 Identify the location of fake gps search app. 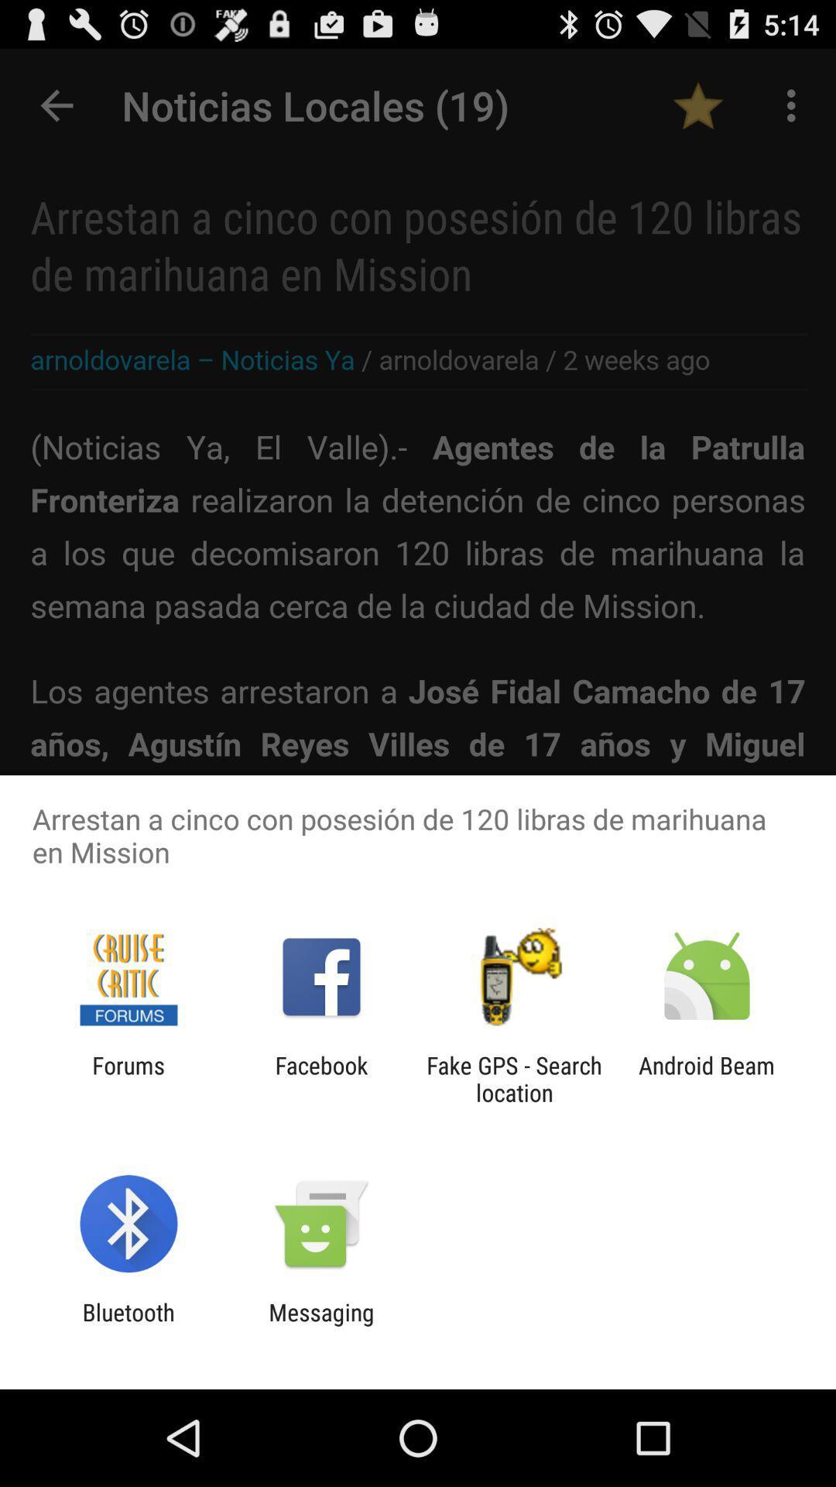
(514, 1078).